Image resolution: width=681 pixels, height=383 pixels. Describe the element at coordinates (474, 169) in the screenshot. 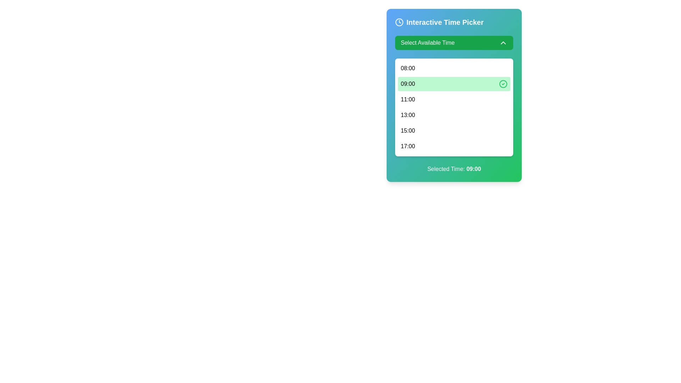

I see `displayed time '09:00' from the text label that shows 'Selected Time: 09:00' within the green-themed time picker widget` at that location.